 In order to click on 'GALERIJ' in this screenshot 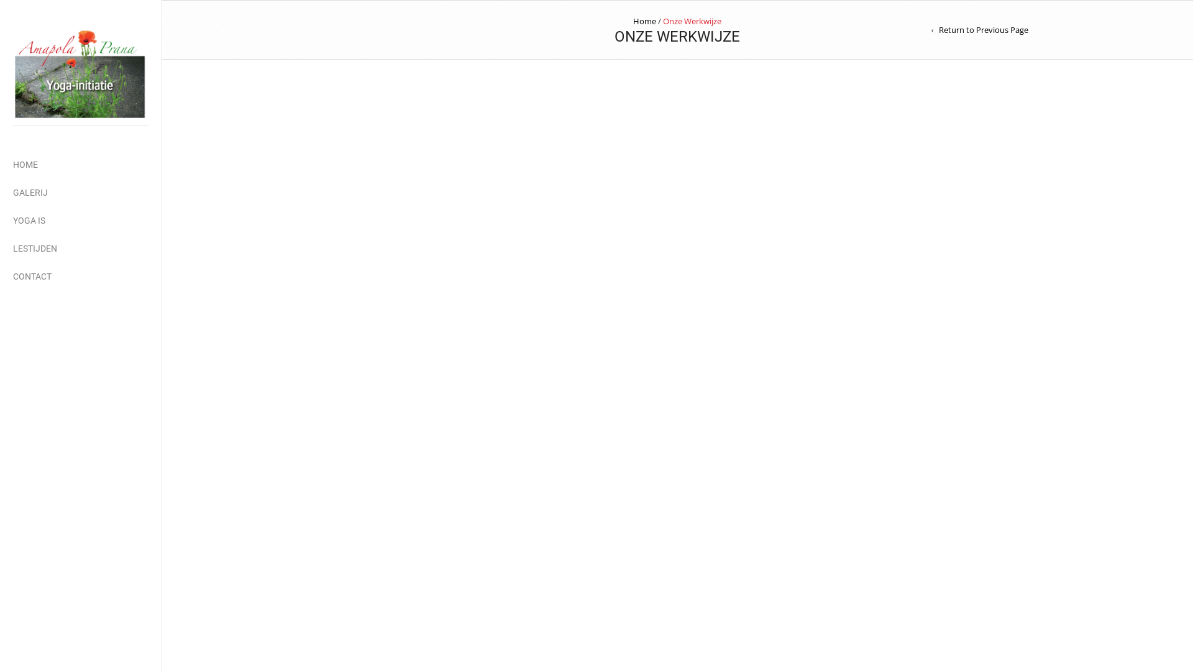, I will do `click(0, 193)`.